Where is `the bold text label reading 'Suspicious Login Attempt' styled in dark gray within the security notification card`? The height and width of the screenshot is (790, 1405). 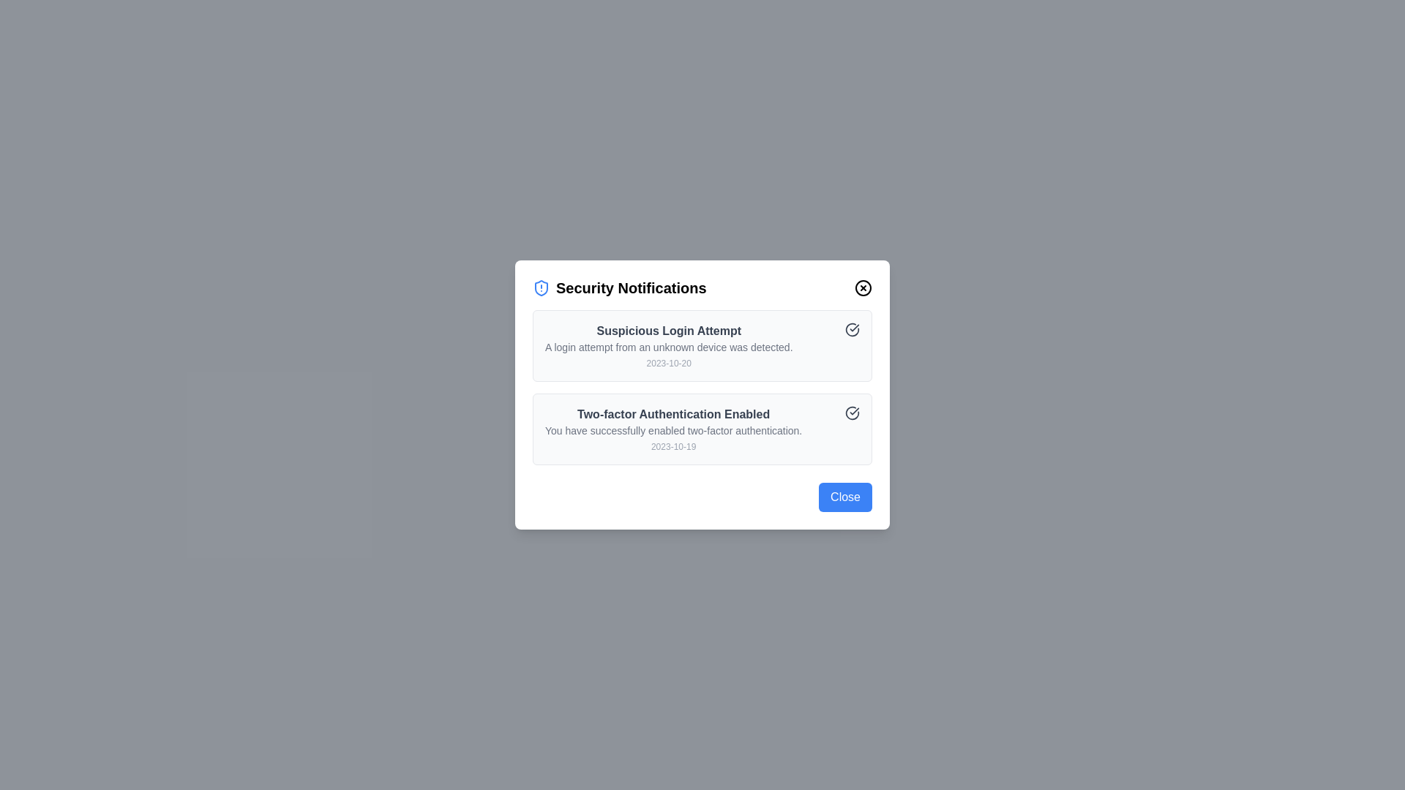
the bold text label reading 'Suspicious Login Attempt' styled in dark gray within the security notification card is located at coordinates (668, 331).